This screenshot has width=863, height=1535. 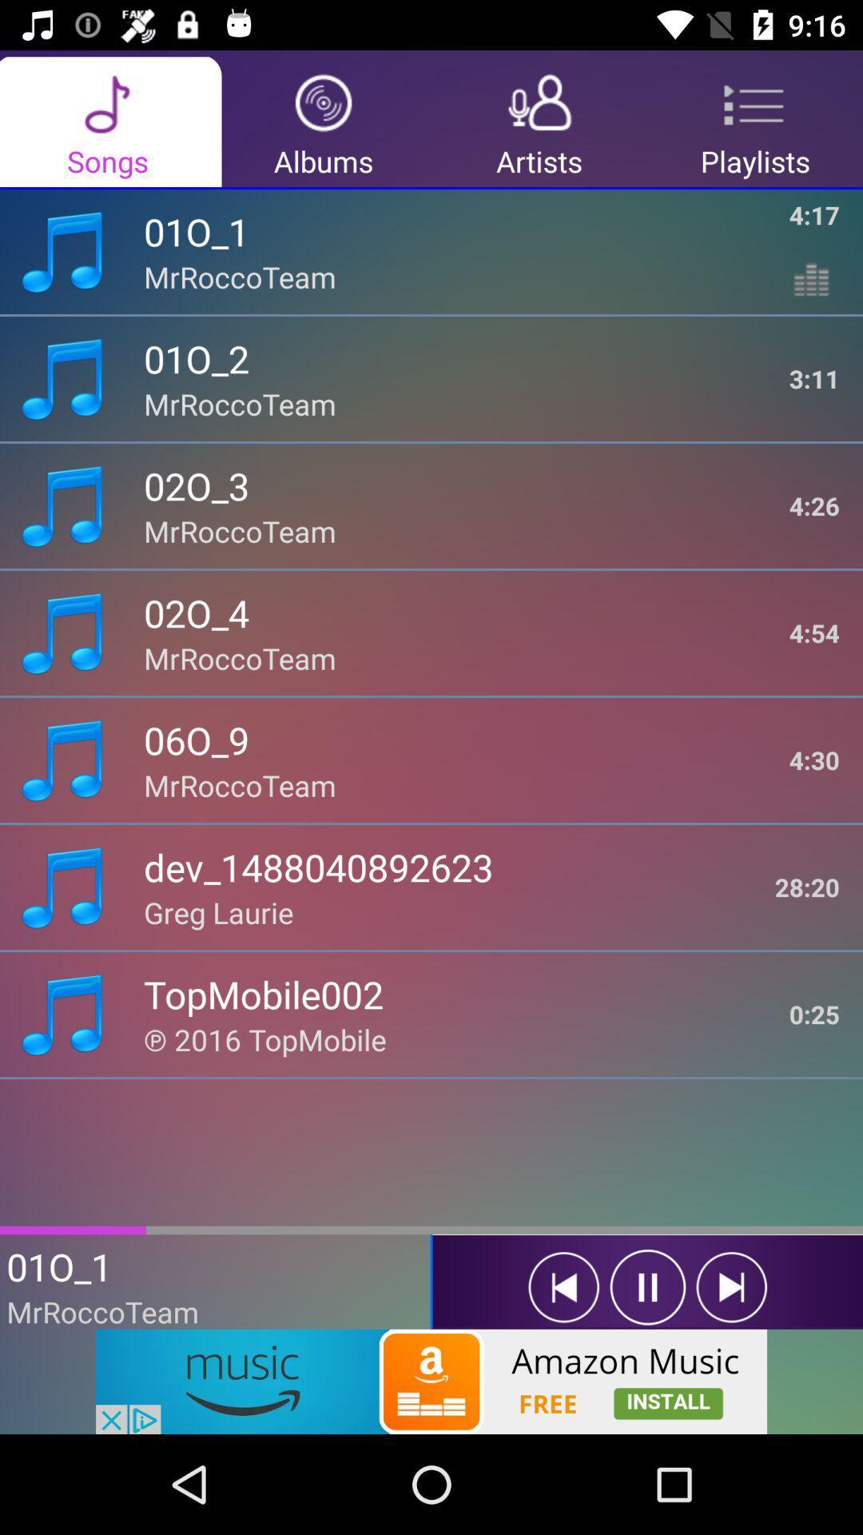 What do you see at coordinates (731, 1287) in the screenshot?
I see `forward` at bounding box center [731, 1287].